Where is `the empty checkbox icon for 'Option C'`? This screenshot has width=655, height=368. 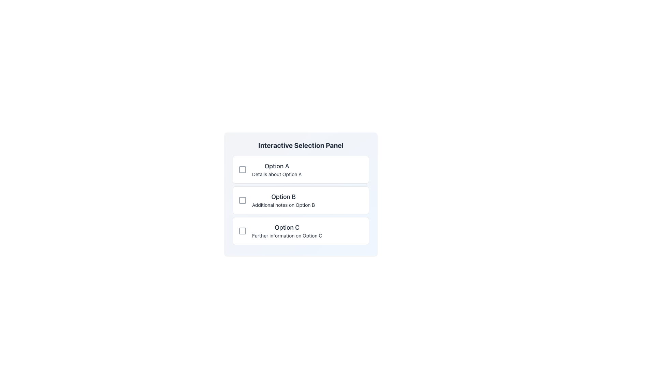
the empty checkbox icon for 'Option C' is located at coordinates (301, 231).